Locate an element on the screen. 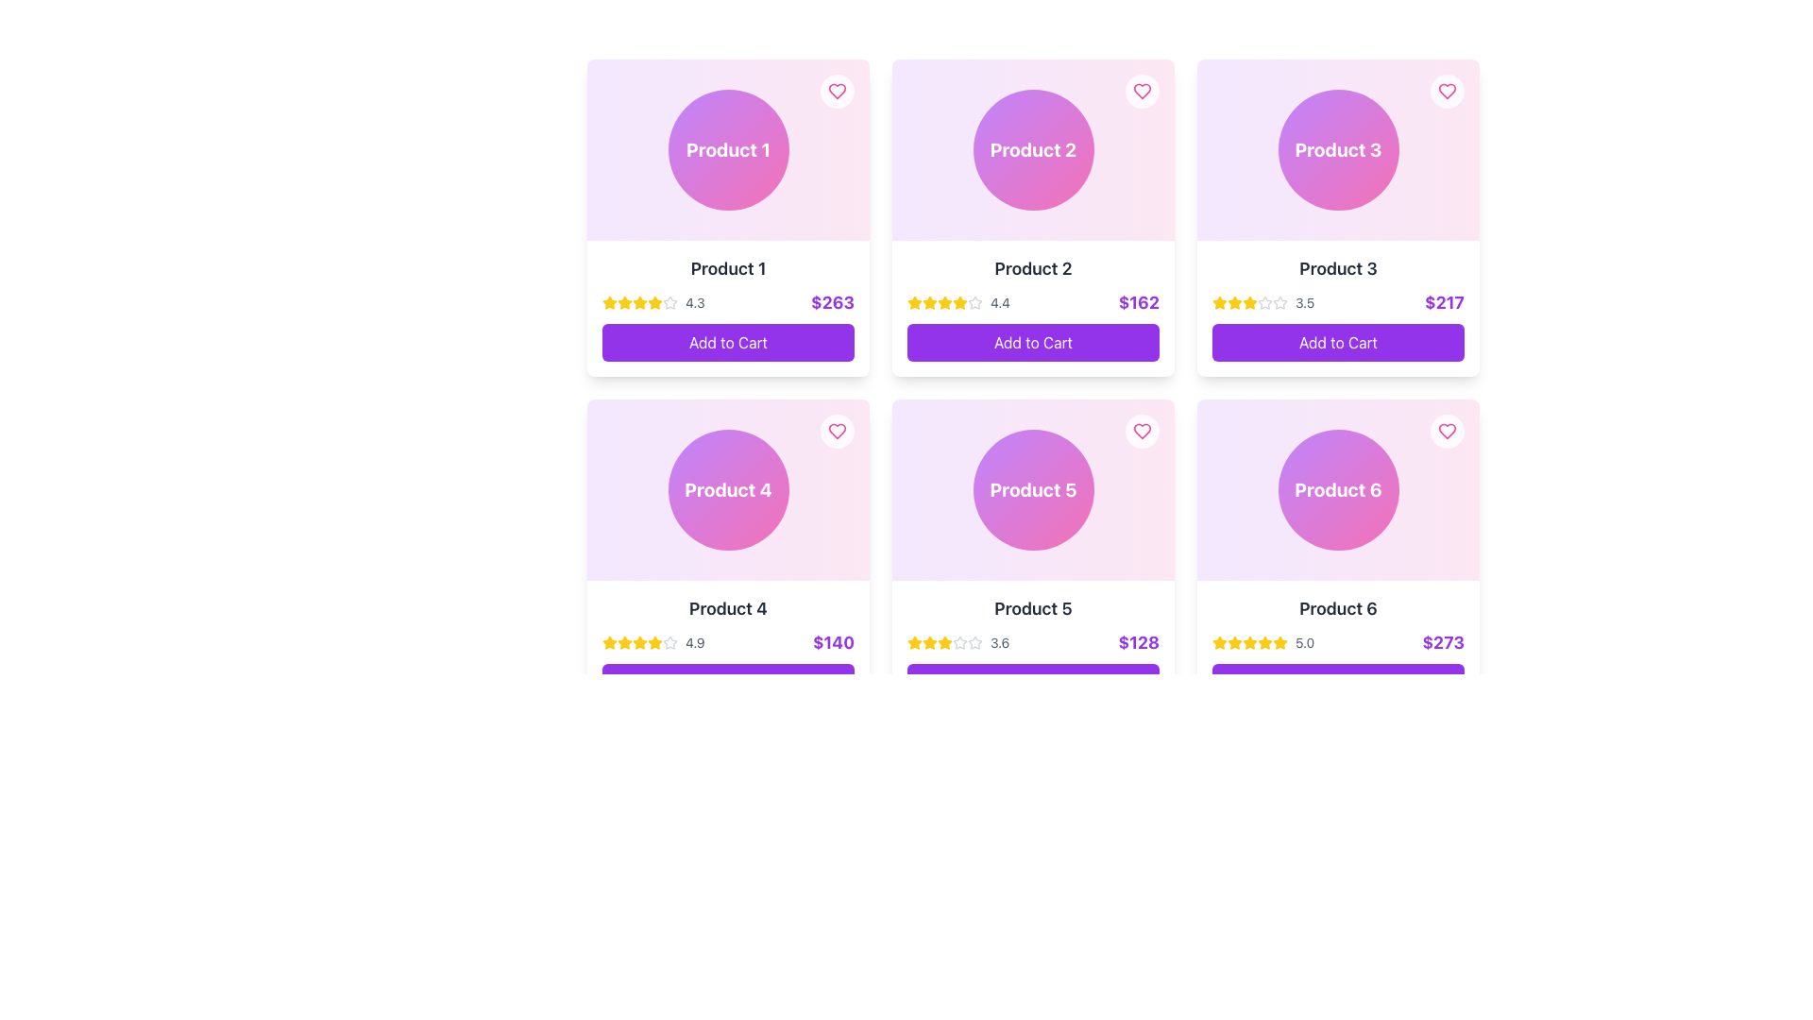 The height and width of the screenshot is (1020, 1813). the second star icon in the rating bar of the third product card, located under the 'Product 3' label is located at coordinates (1264, 301).